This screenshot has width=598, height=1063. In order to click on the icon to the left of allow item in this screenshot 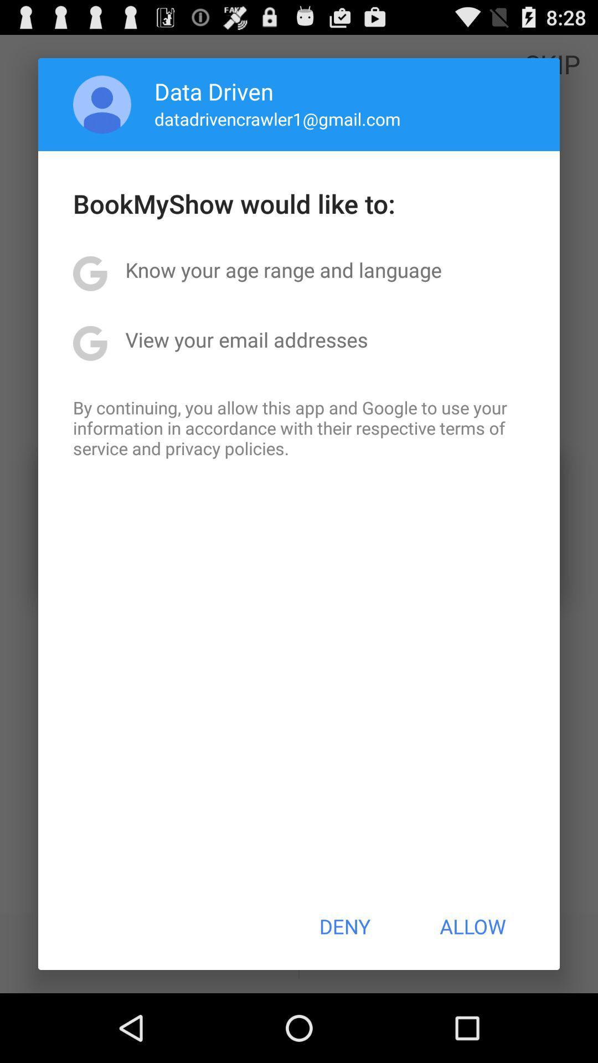, I will do `click(344, 926)`.